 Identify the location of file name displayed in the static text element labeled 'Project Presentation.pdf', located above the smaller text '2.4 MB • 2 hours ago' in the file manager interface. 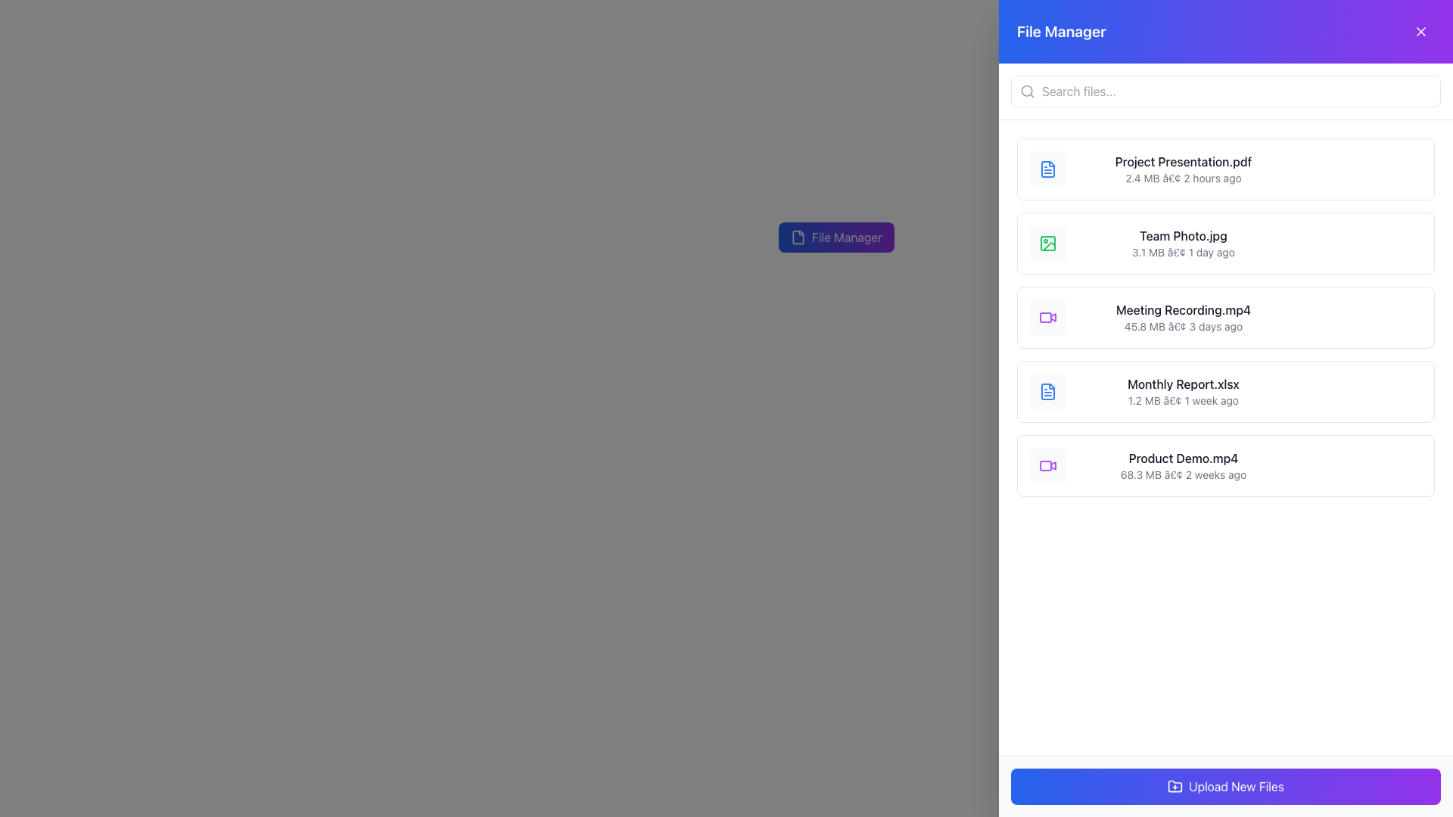
(1183, 161).